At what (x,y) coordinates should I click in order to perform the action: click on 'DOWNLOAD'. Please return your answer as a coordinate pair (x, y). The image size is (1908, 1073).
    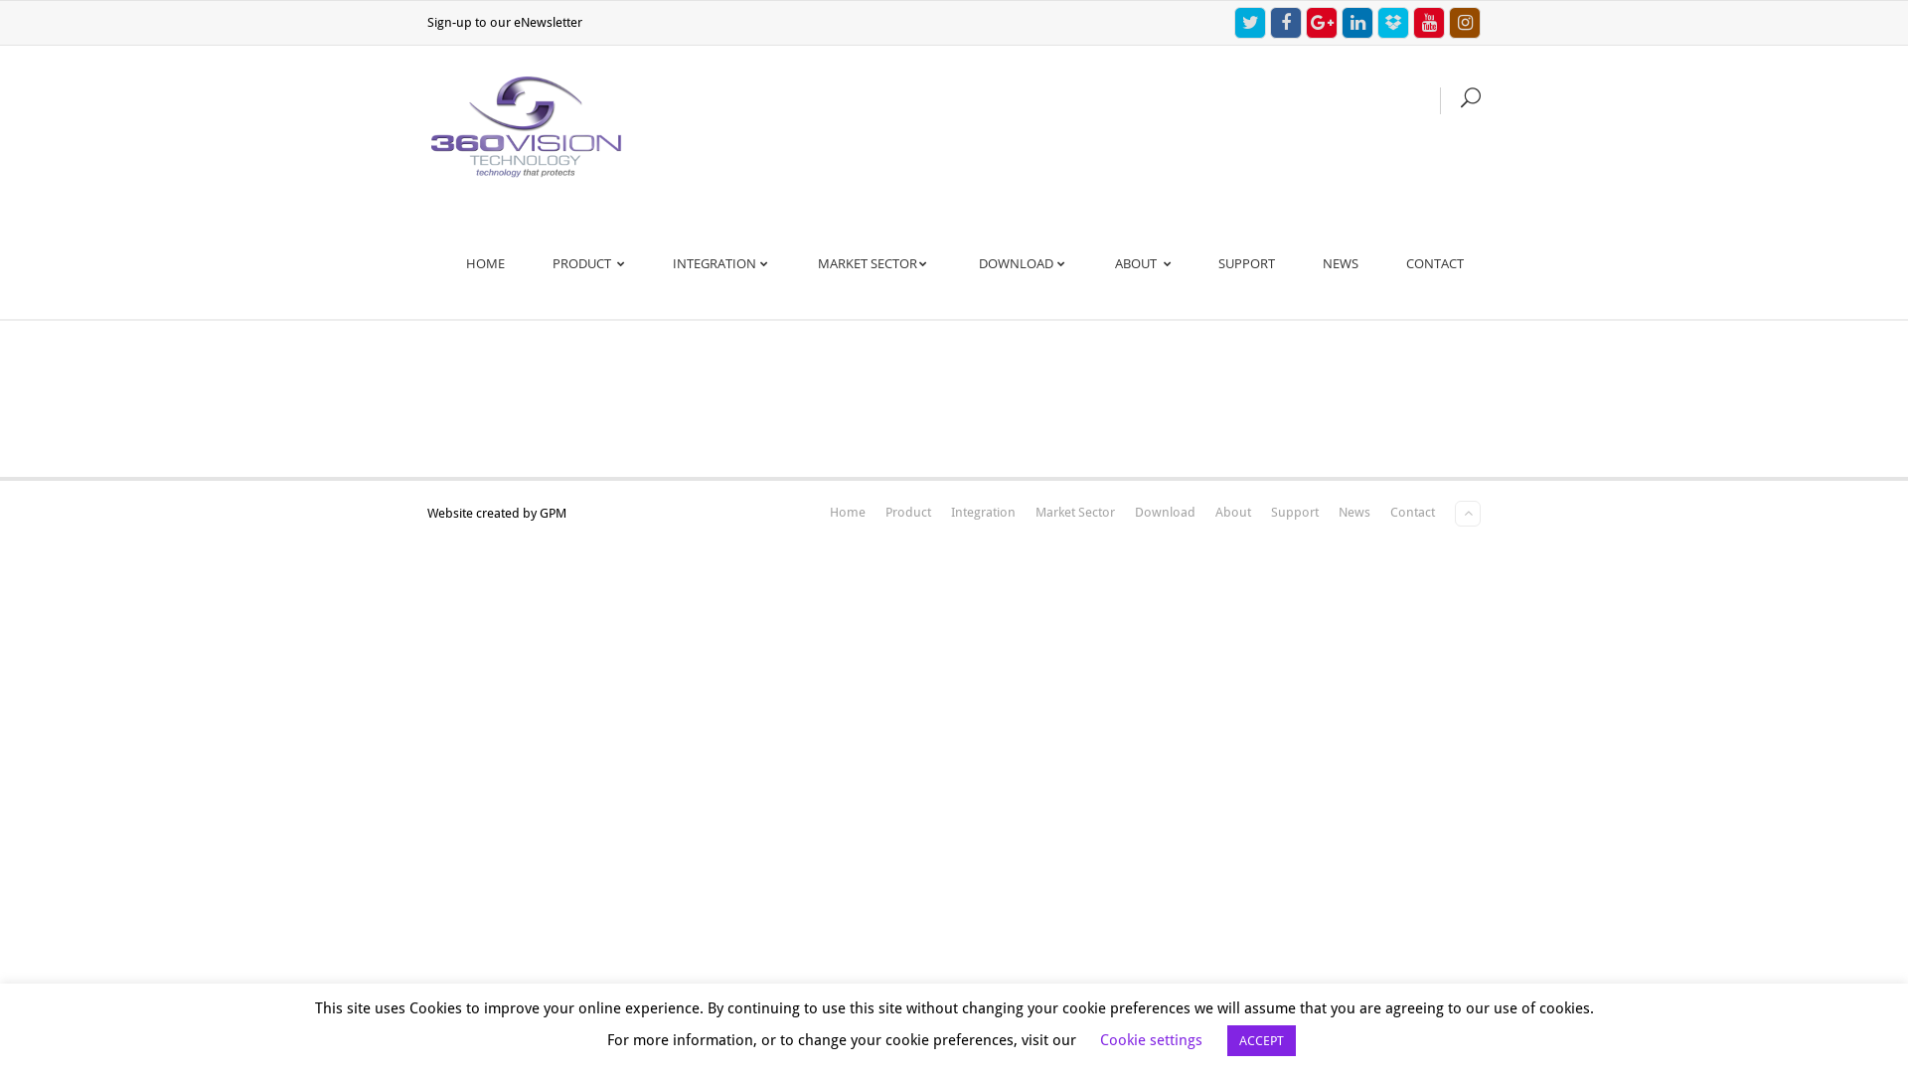
    Looking at the image, I should click on (1023, 262).